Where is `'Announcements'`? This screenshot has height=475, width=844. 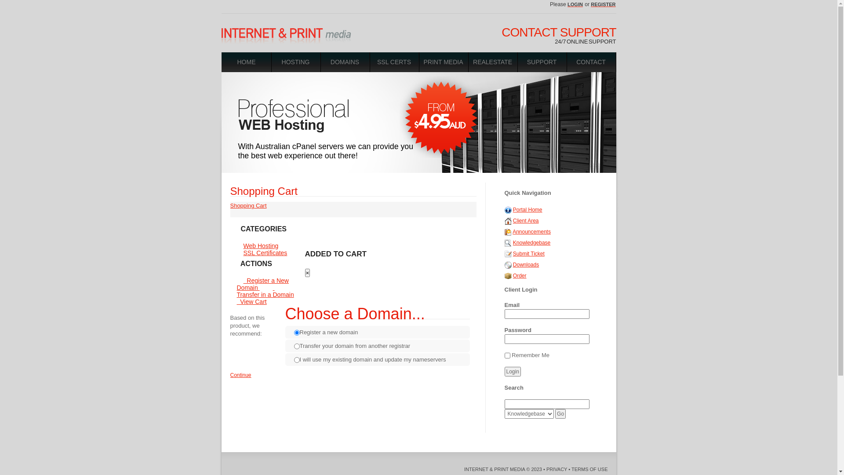
'Announcements' is located at coordinates (531, 231).